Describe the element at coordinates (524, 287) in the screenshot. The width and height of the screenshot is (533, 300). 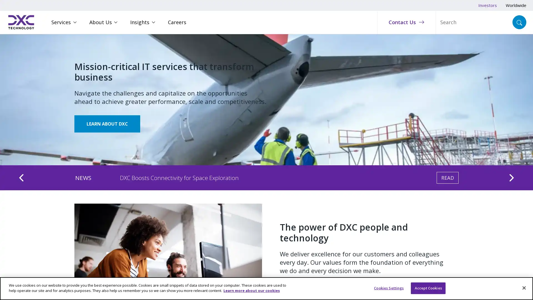
I see `Close` at that location.